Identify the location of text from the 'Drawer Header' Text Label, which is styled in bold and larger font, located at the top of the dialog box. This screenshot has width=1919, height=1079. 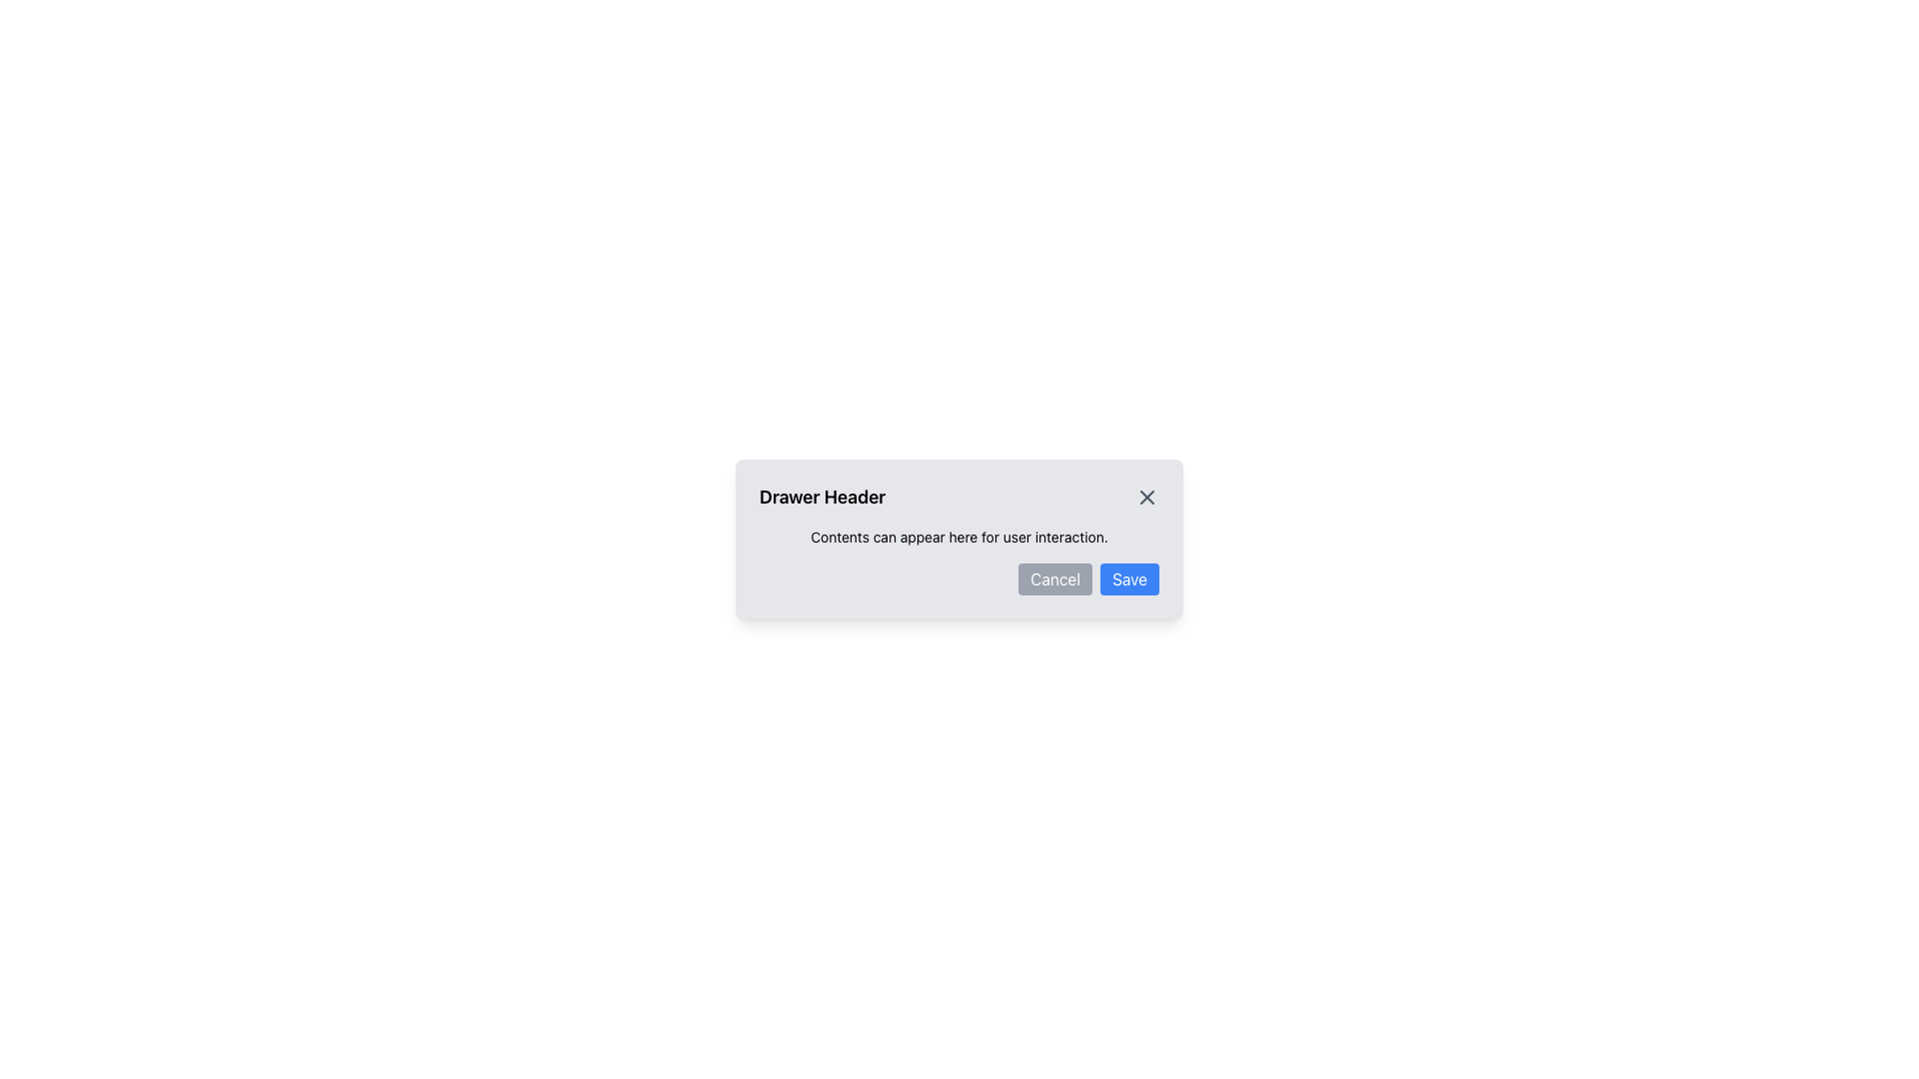
(823, 496).